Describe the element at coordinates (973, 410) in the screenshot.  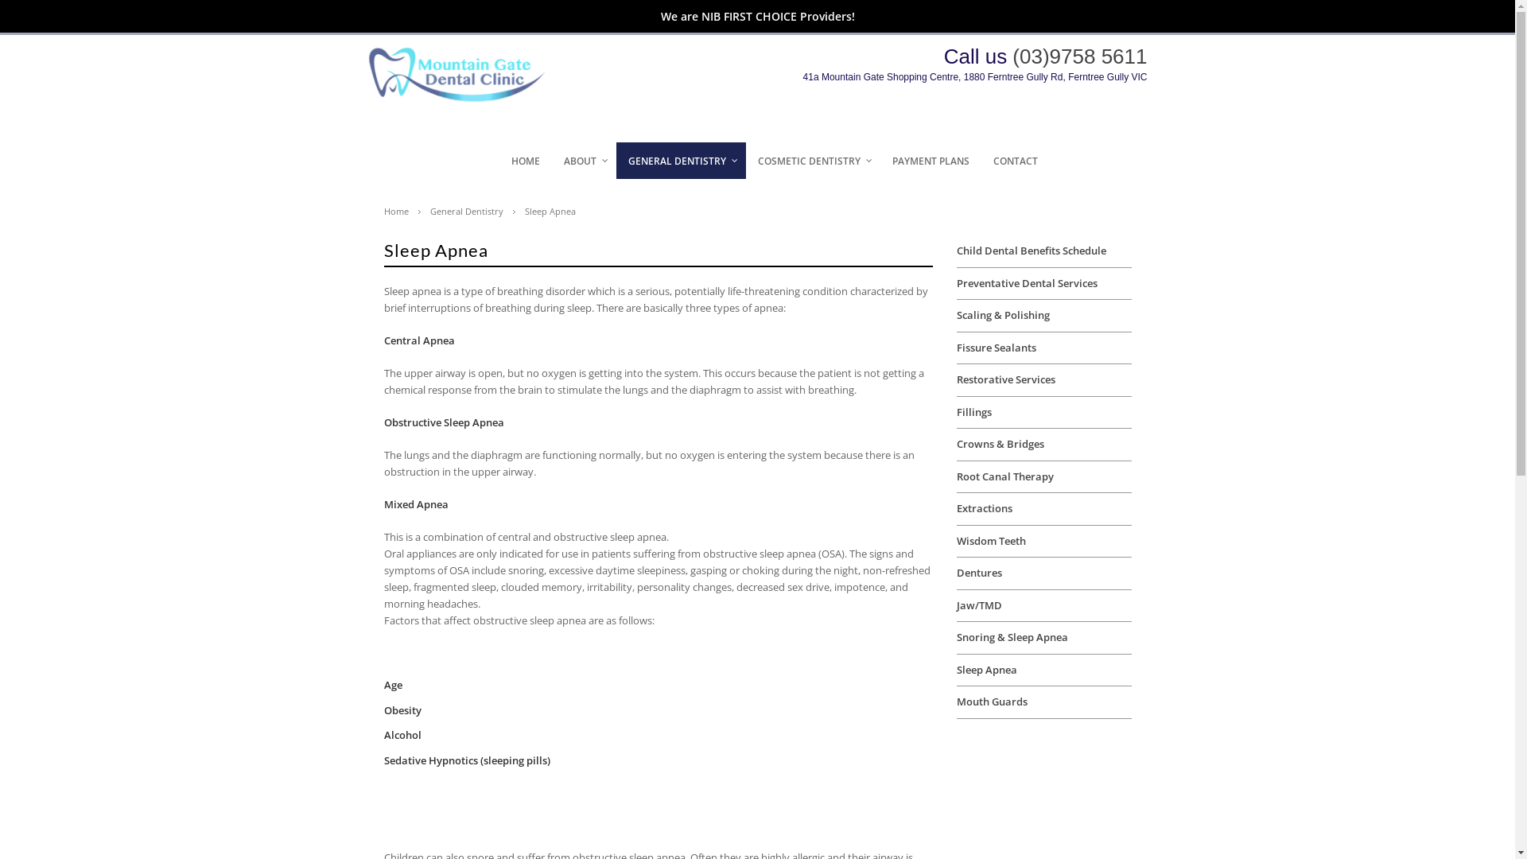
I see `'Fillings'` at that location.